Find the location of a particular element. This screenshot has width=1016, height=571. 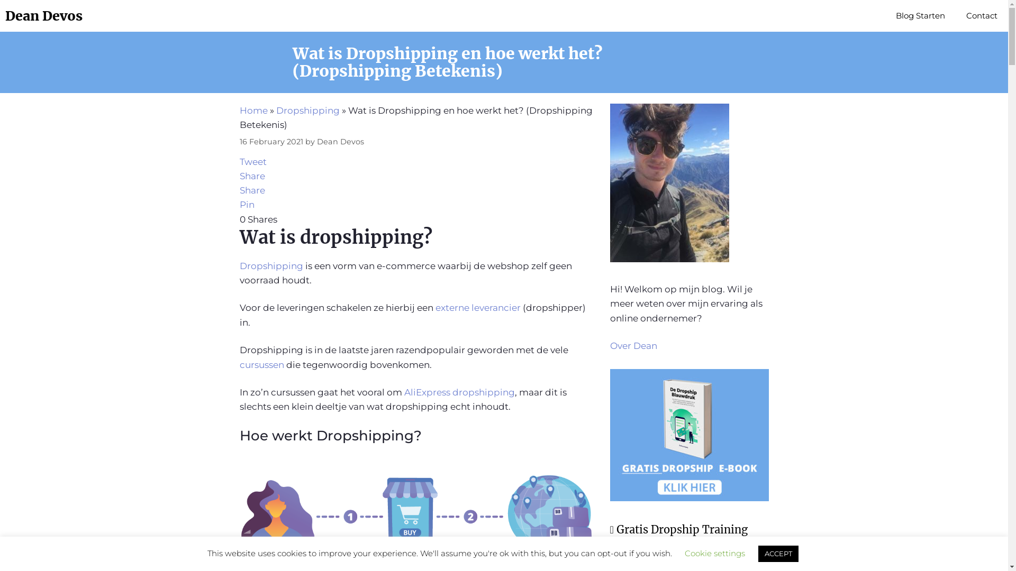

'AliExpress dropshipping' is located at coordinates (459, 392).